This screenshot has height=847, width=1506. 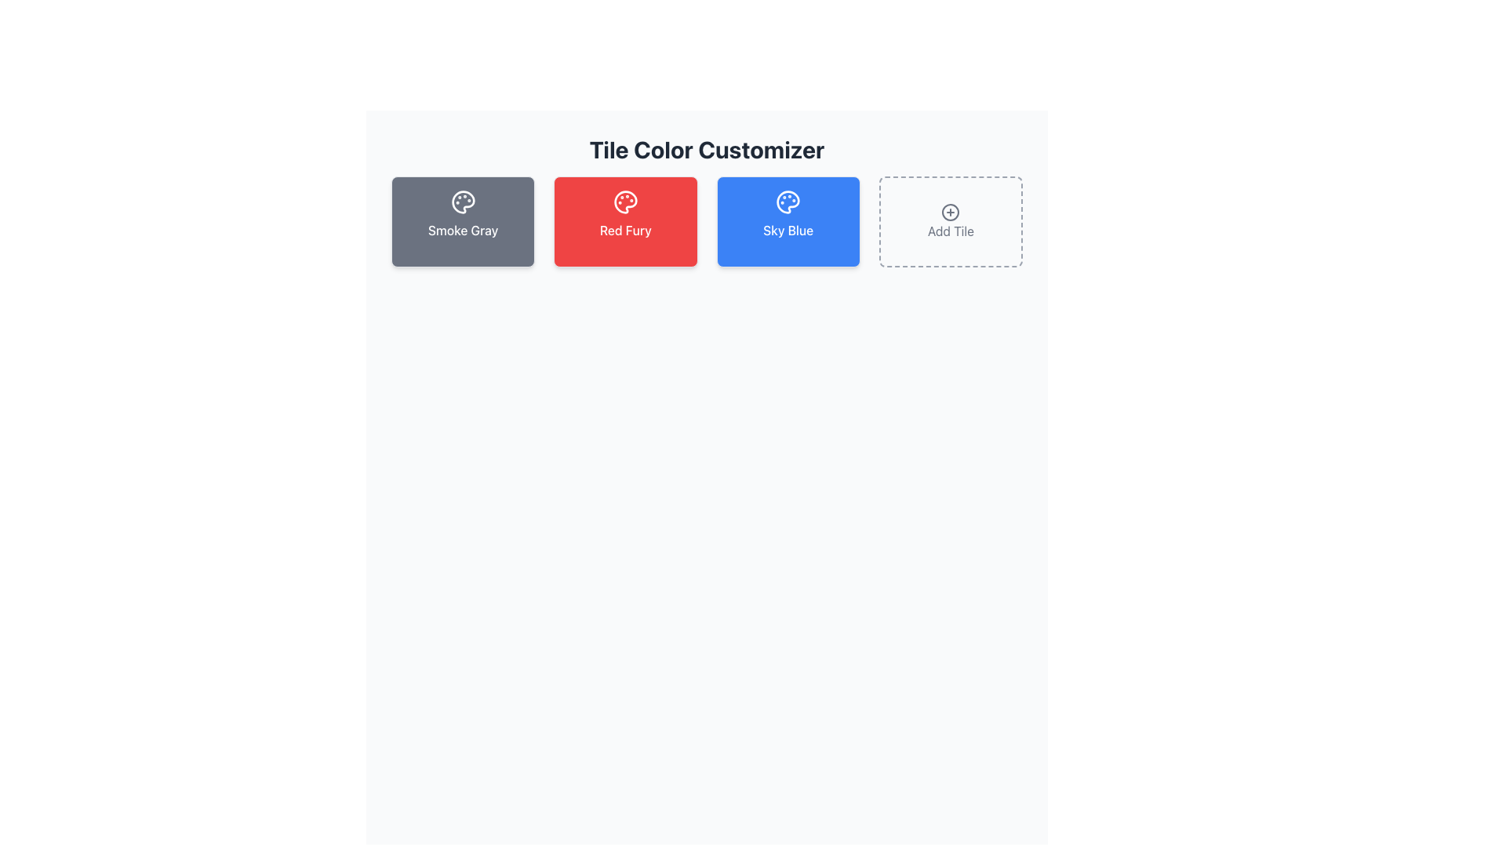 I want to click on the 'Sky Blue' button, which is a rectangular button with rounded corners, light blue background, and a white painter palette icon above the text 'Sky Blue', so click(x=788, y=221).